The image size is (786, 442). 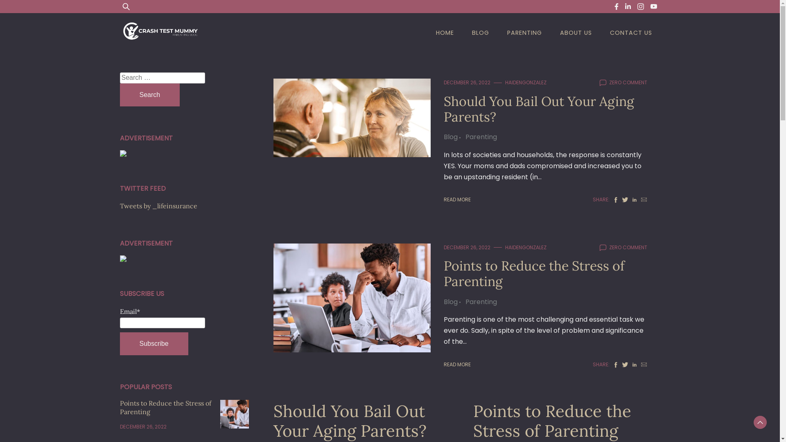 I want to click on 'Points to Reduce the Stress of Parenting', so click(x=165, y=407).